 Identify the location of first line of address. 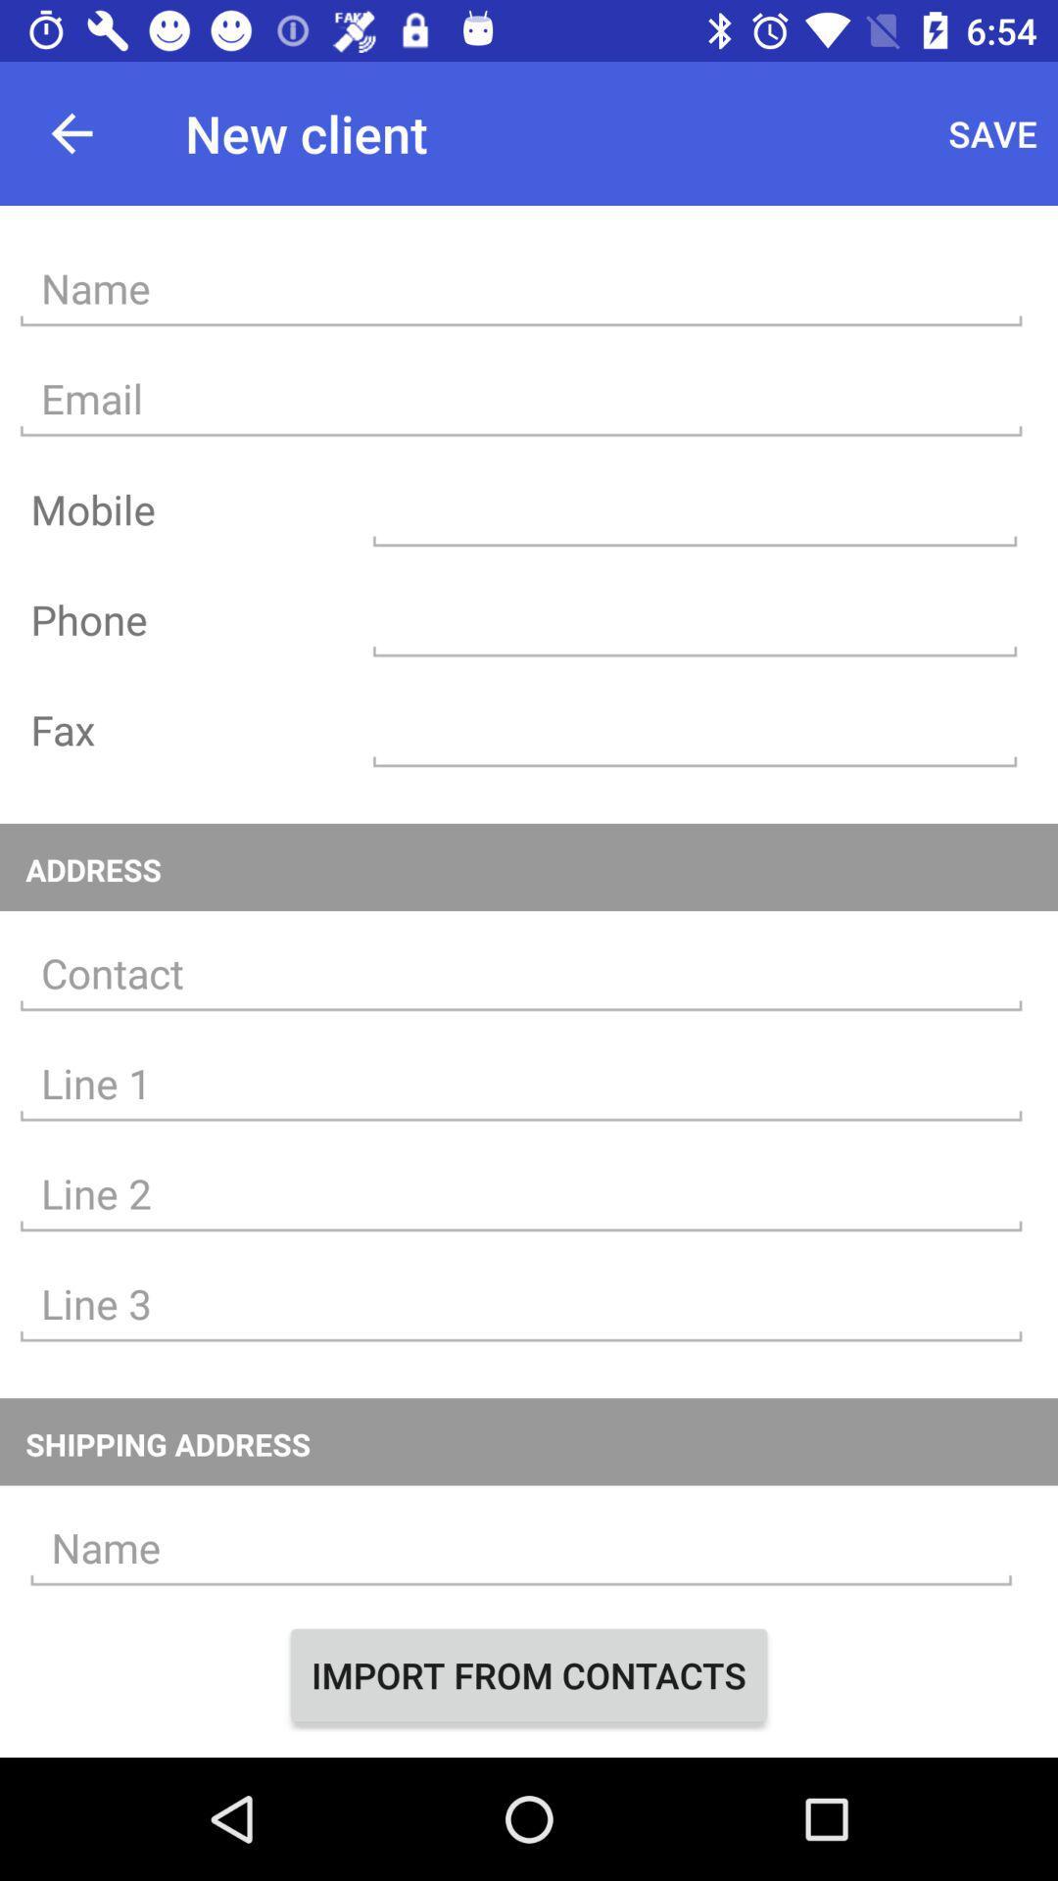
(520, 1083).